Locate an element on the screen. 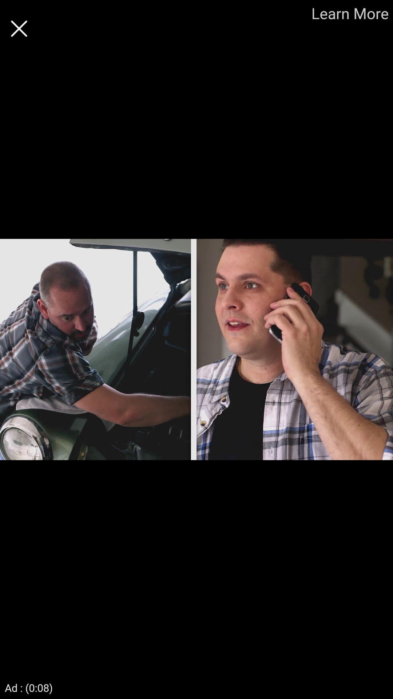  advertisement is located at coordinates (19, 28).